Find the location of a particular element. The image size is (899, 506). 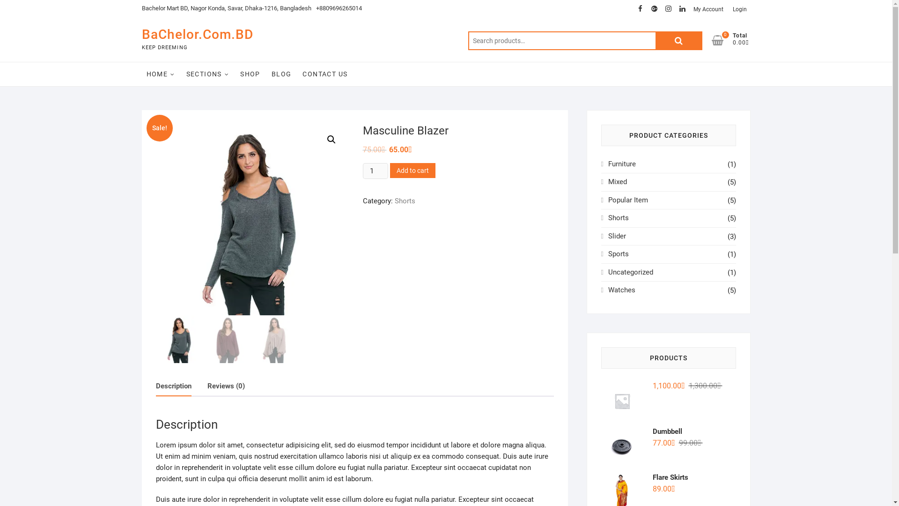

'Search' is located at coordinates (678, 40).